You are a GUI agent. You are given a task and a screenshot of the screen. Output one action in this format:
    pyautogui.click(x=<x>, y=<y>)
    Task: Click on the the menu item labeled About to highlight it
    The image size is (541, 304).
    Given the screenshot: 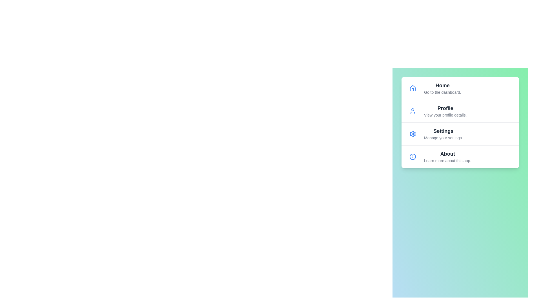 What is the action you would take?
    pyautogui.click(x=460, y=157)
    